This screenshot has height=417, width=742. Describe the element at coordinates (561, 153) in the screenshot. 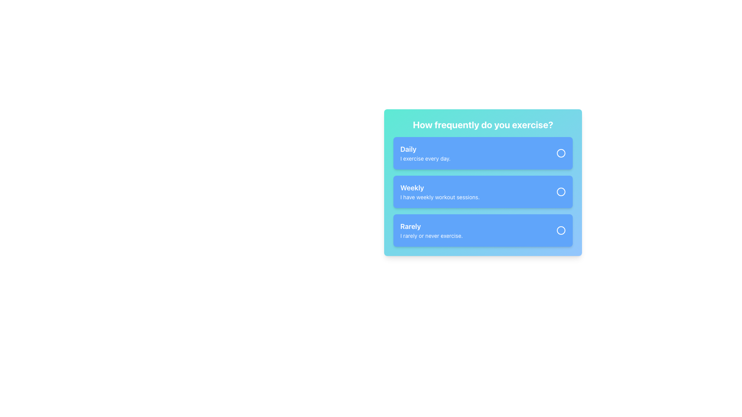

I see `the radio button indicator in the top right corner of the 'Daily' option box` at that location.